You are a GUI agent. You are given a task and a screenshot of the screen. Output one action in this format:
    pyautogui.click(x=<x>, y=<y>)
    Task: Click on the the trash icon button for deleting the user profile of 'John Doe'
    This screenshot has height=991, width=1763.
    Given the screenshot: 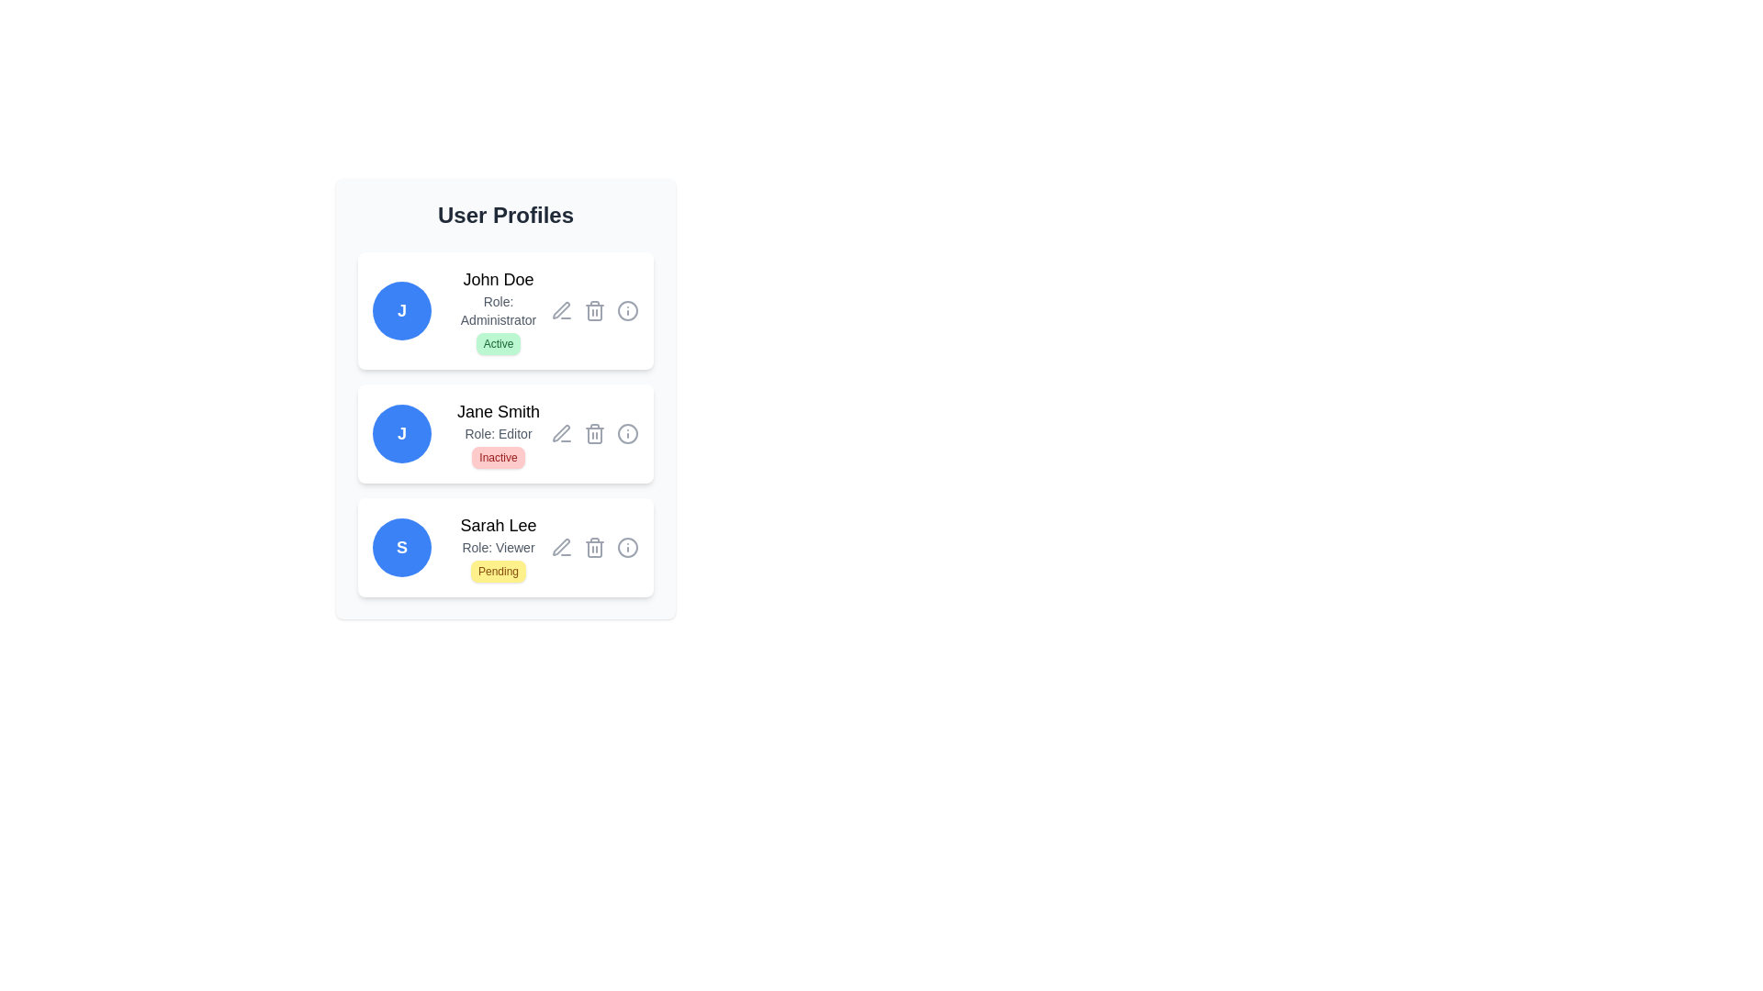 What is the action you would take?
    pyautogui.click(x=595, y=310)
    